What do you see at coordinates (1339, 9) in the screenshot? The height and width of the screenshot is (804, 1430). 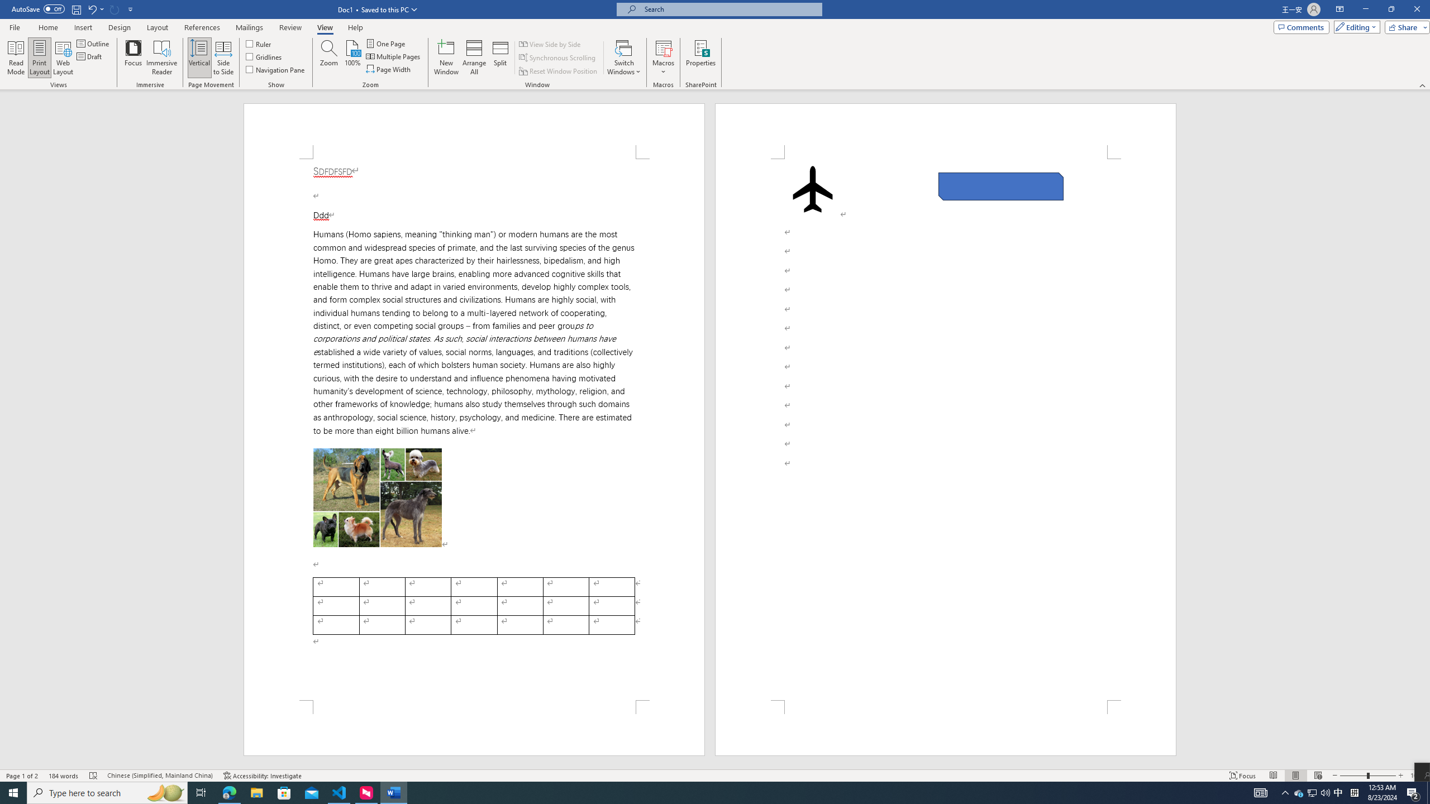 I see `'Ribbon Display Options'` at bounding box center [1339, 9].